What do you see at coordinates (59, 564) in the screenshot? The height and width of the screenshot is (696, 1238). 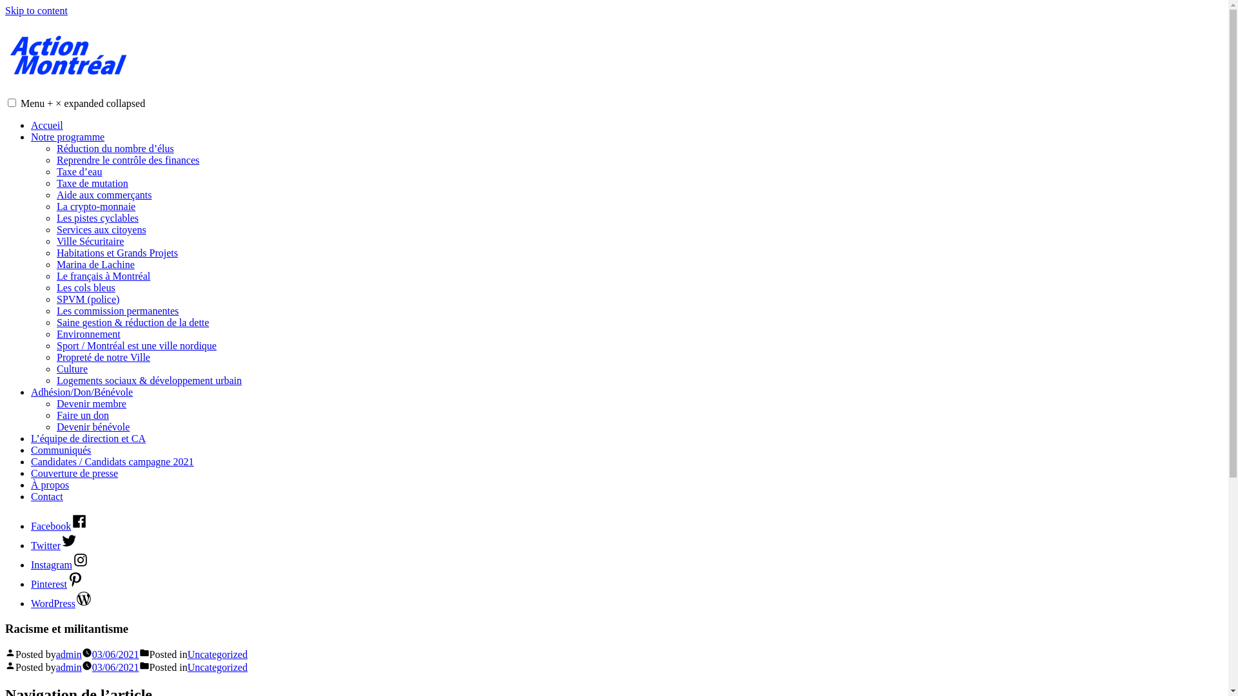 I see `'Instagram'` at bounding box center [59, 564].